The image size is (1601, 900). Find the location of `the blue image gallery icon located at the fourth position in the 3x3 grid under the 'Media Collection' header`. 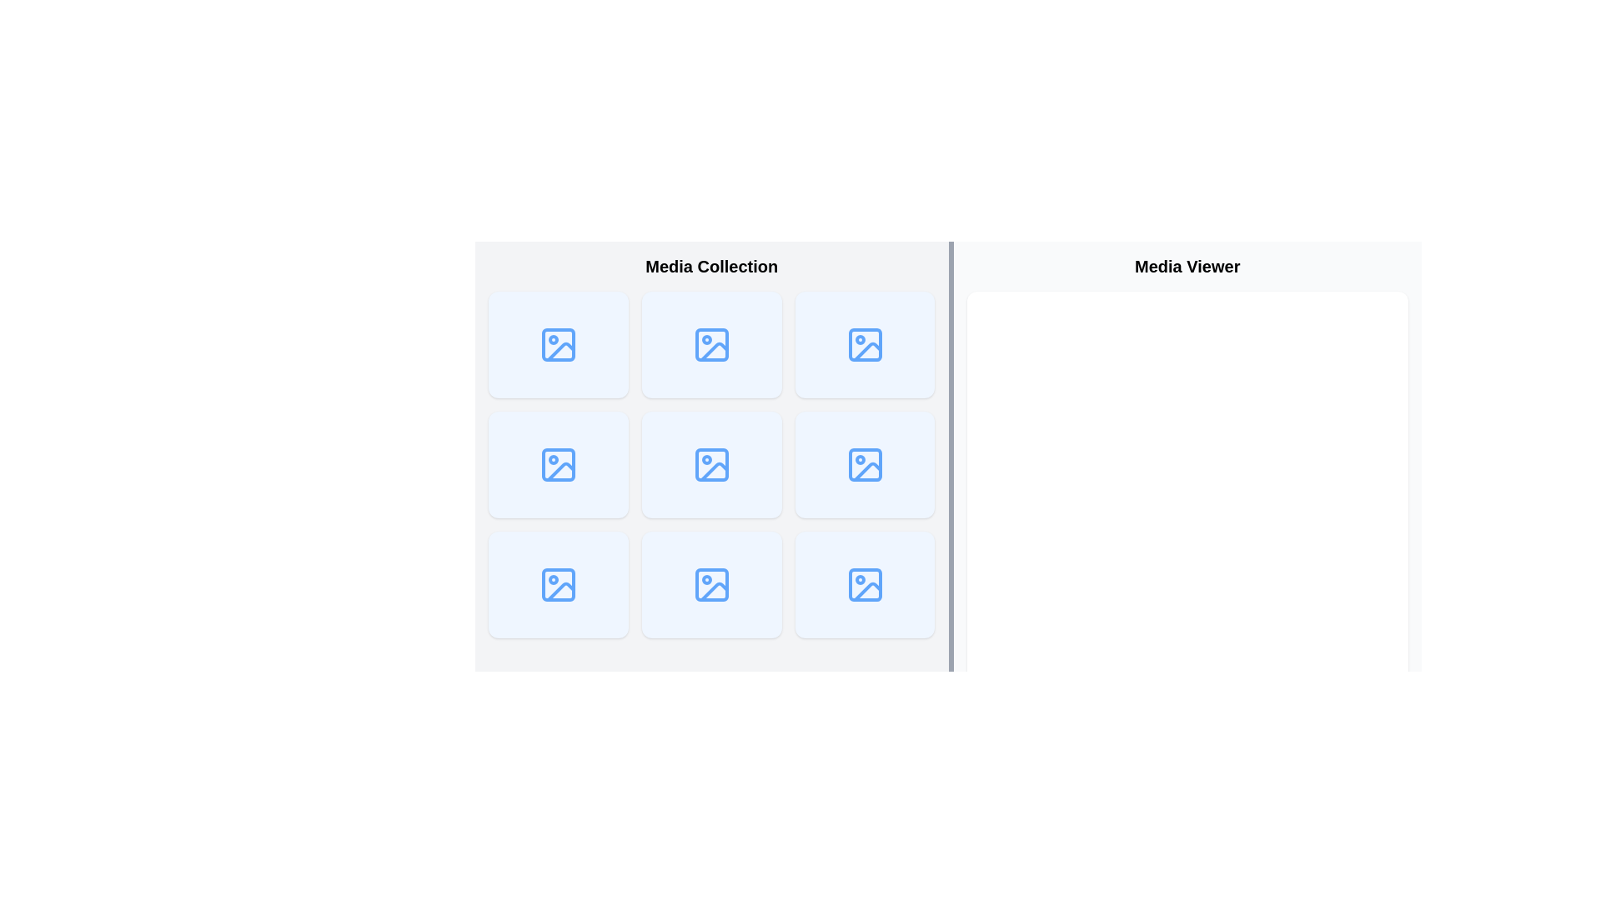

the blue image gallery icon located at the fourth position in the 3x3 grid under the 'Media Collection' header is located at coordinates (558, 465).